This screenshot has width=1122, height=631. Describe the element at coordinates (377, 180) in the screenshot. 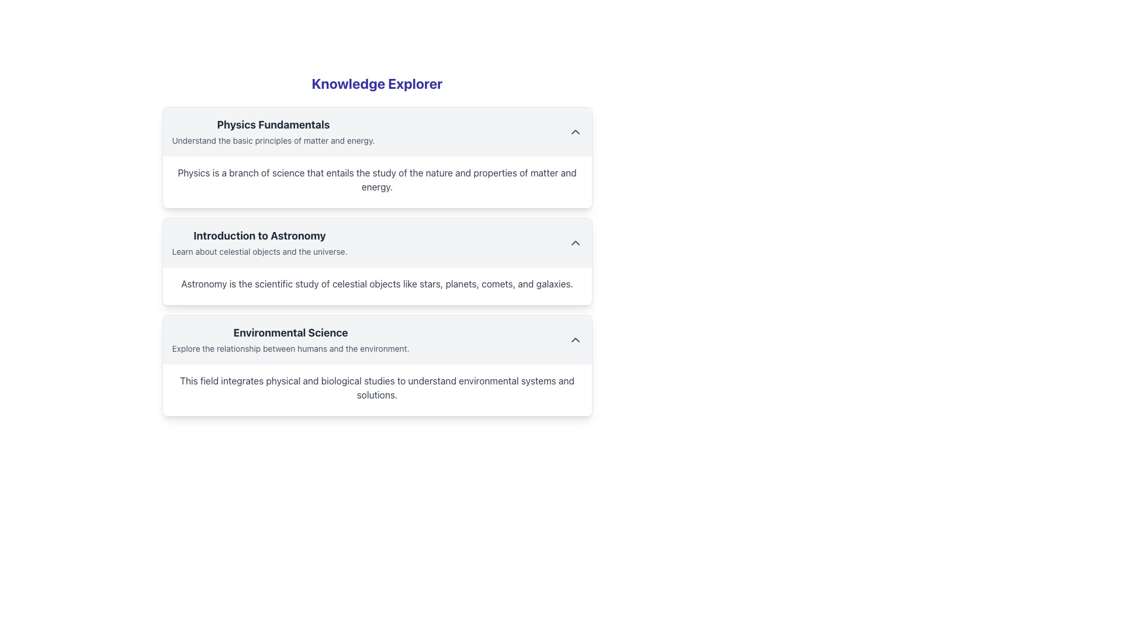

I see `explanatory text element providing information about the scientific field of Physics, located in the 'Physics Fundamentals' section below the section title` at that location.